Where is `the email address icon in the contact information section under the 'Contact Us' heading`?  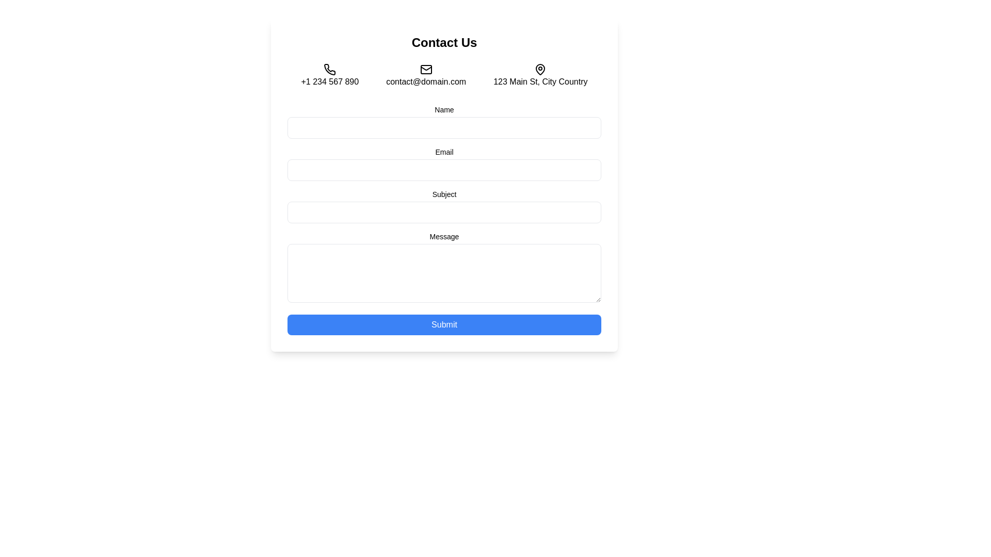 the email address icon in the contact information section under the 'Contact Us' heading is located at coordinates (444, 75).